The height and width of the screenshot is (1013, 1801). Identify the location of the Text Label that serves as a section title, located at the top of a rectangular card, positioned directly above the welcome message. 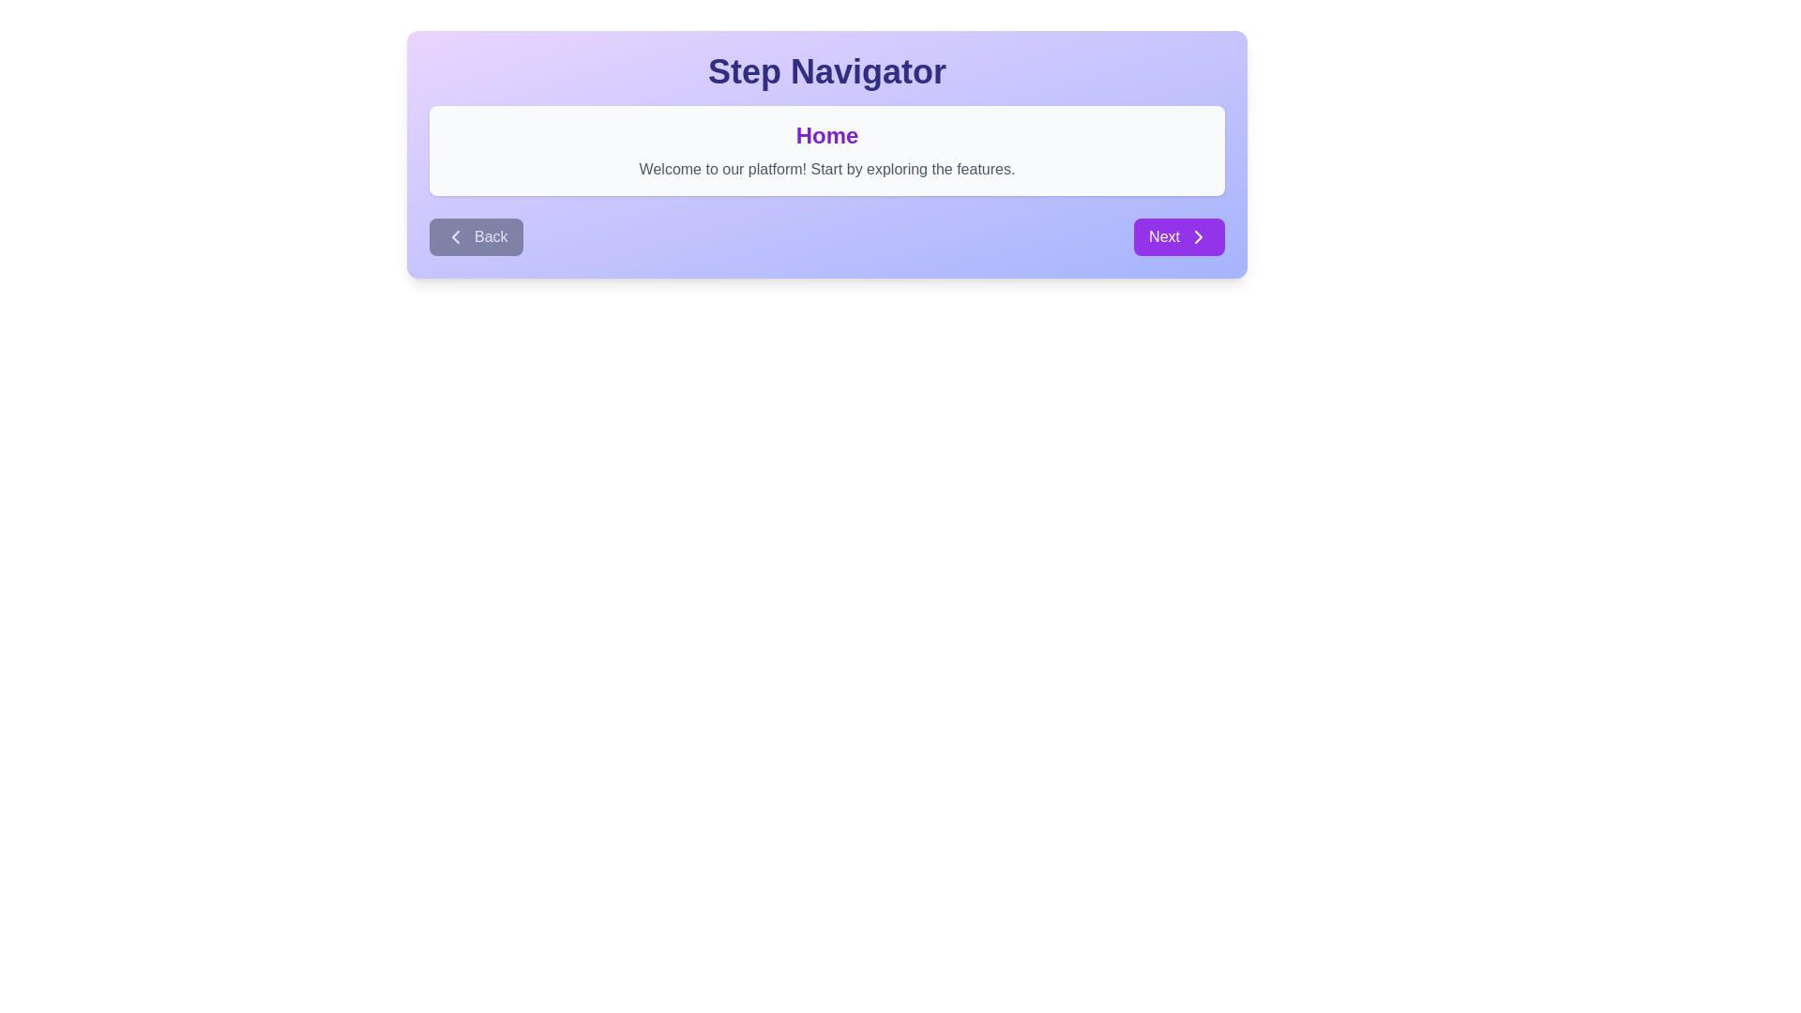
(826, 135).